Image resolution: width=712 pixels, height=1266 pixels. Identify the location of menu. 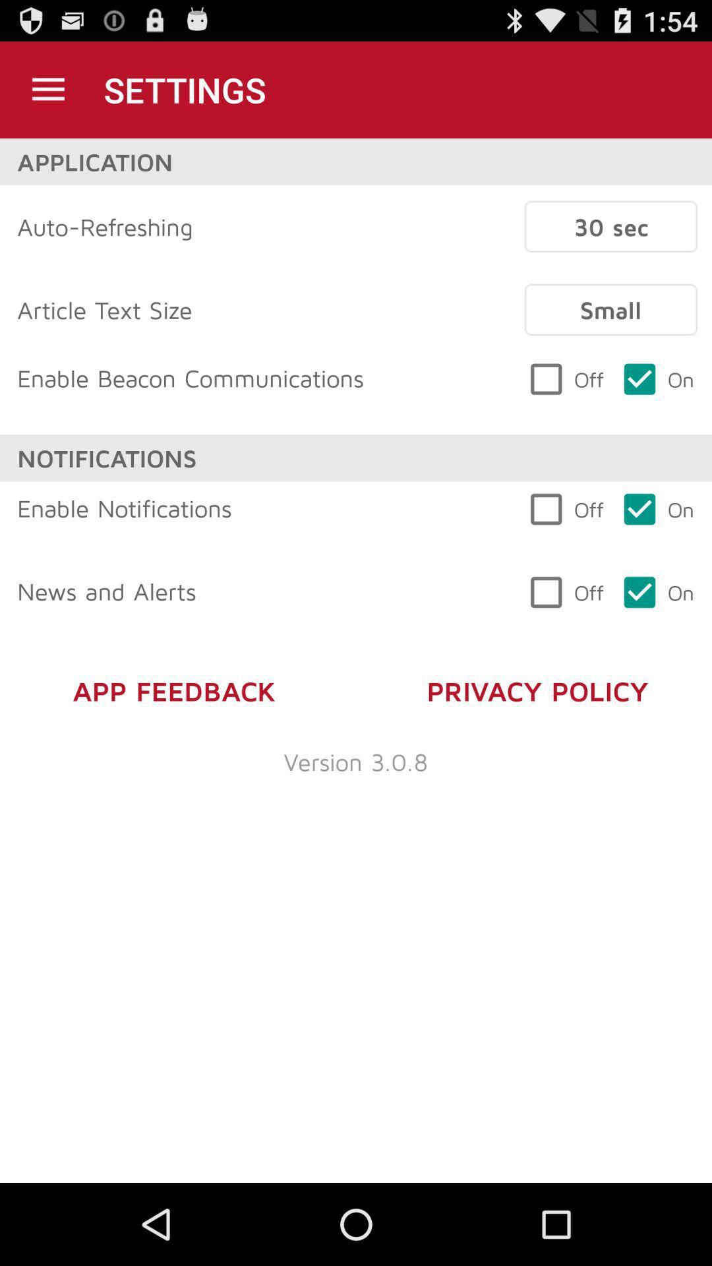
(47, 89).